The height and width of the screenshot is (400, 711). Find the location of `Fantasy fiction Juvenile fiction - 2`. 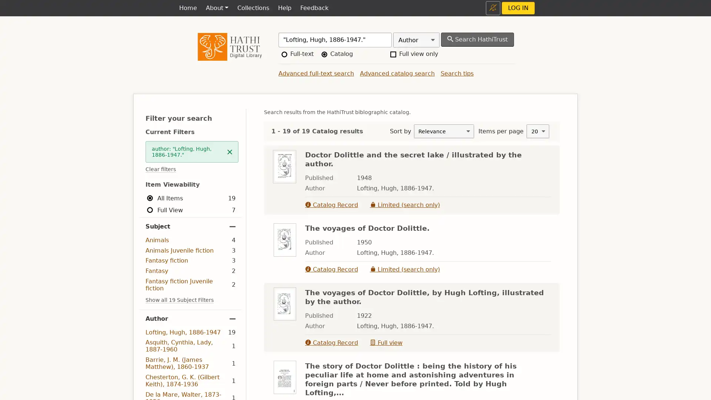

Fantasy fiction Juvenile fiction - 2 is located at coordinates (190, 284).